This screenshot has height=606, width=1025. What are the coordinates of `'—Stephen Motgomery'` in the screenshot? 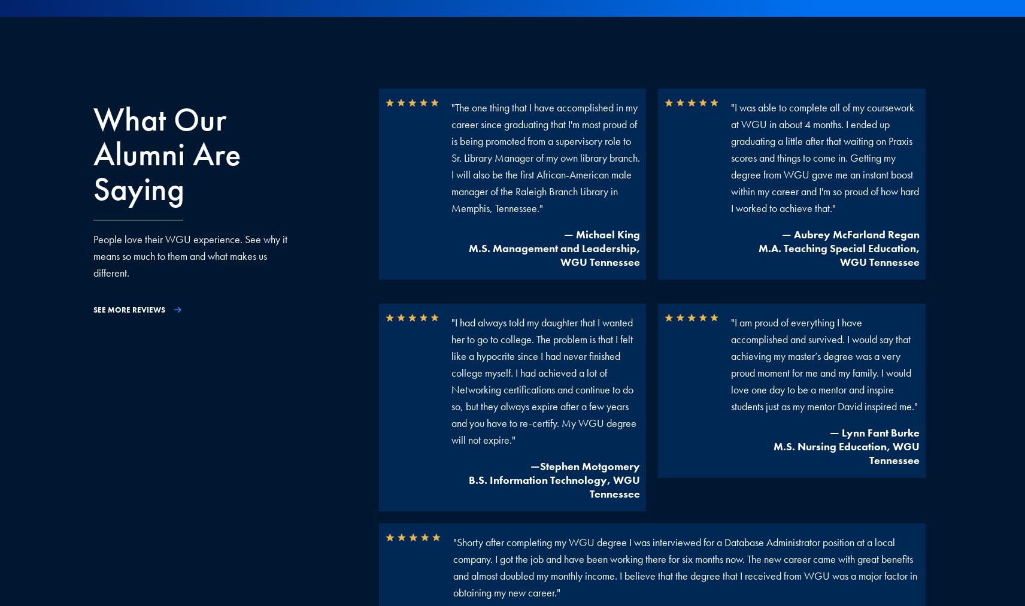 It's located at (529, 465).